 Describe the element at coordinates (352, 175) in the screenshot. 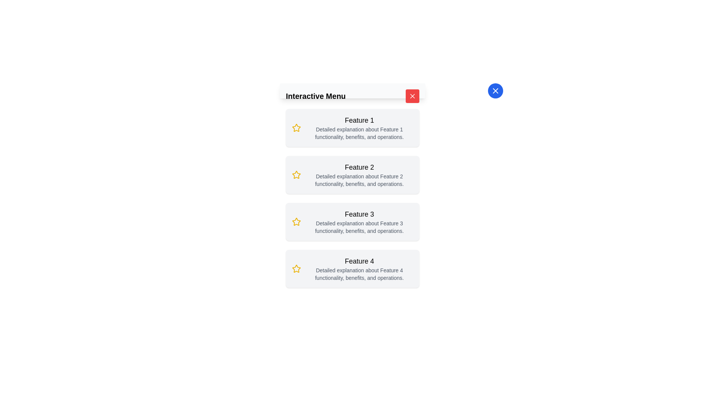

I see `detailed description of the 'Feature 2' informational card, which is the second item in a vertically stacked list, identified by its light gray background and yellow star icon` at that location.